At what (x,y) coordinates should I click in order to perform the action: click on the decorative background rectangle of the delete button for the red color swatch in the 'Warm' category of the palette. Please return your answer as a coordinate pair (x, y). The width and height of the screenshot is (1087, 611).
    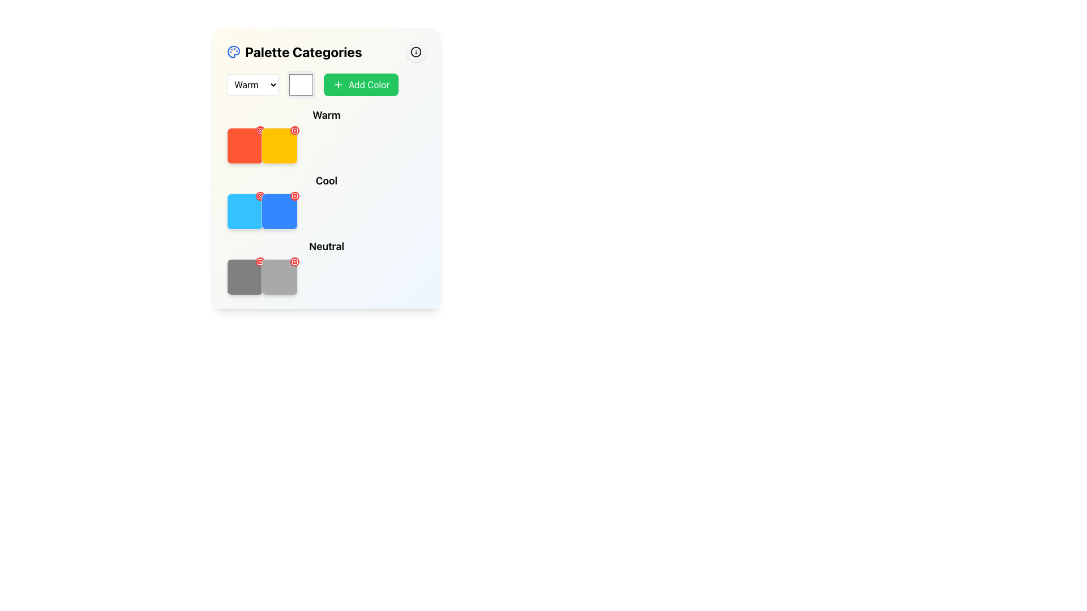
    Looking at the image, I should click on (260, 130).